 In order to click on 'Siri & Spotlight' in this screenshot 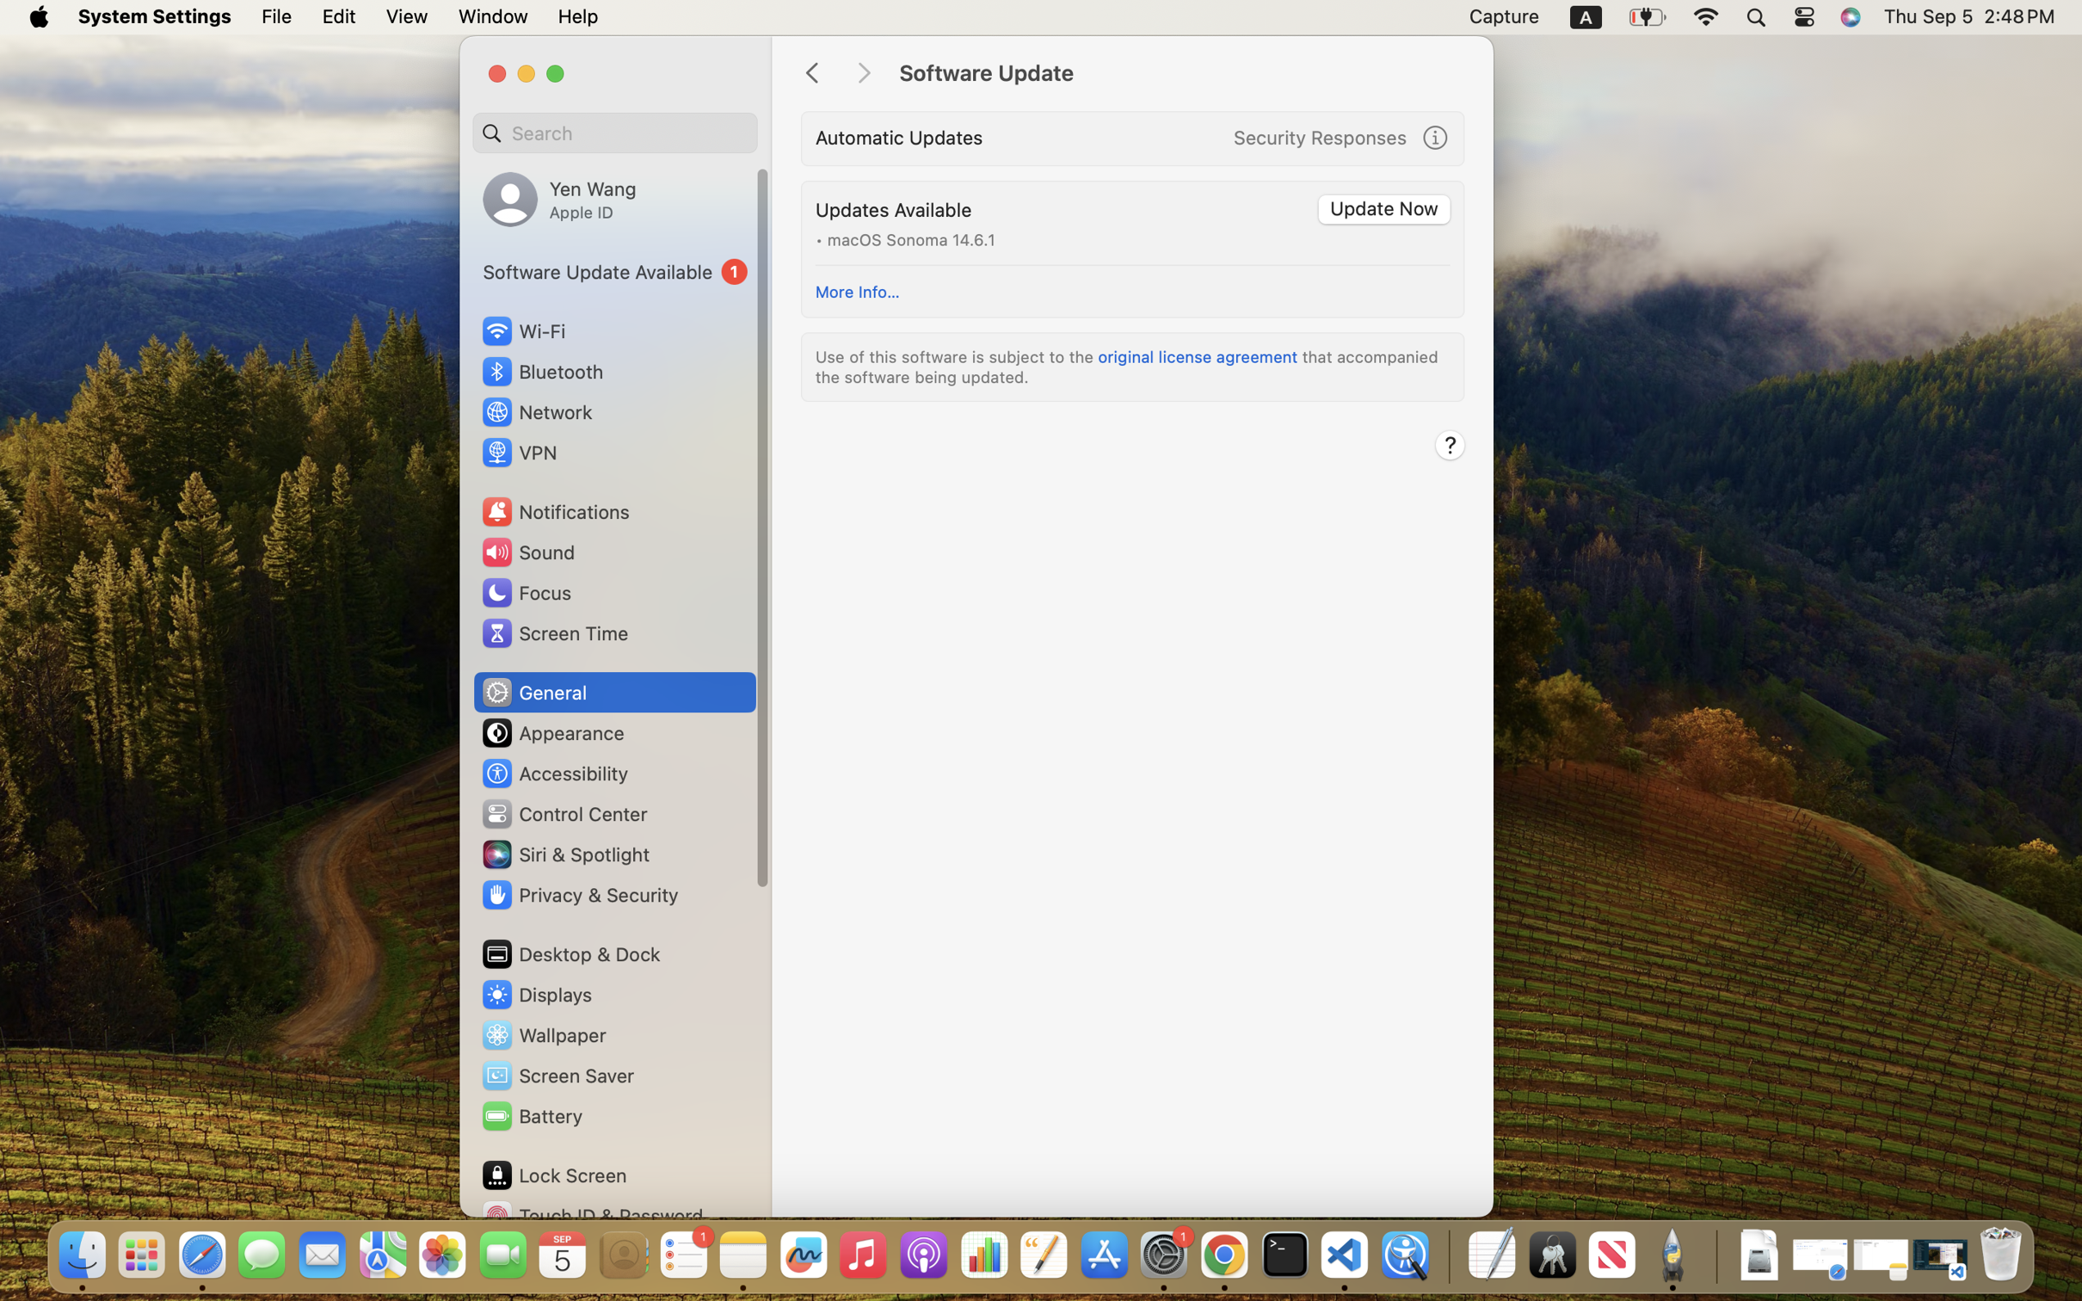, I will do `click(564, 854)`.